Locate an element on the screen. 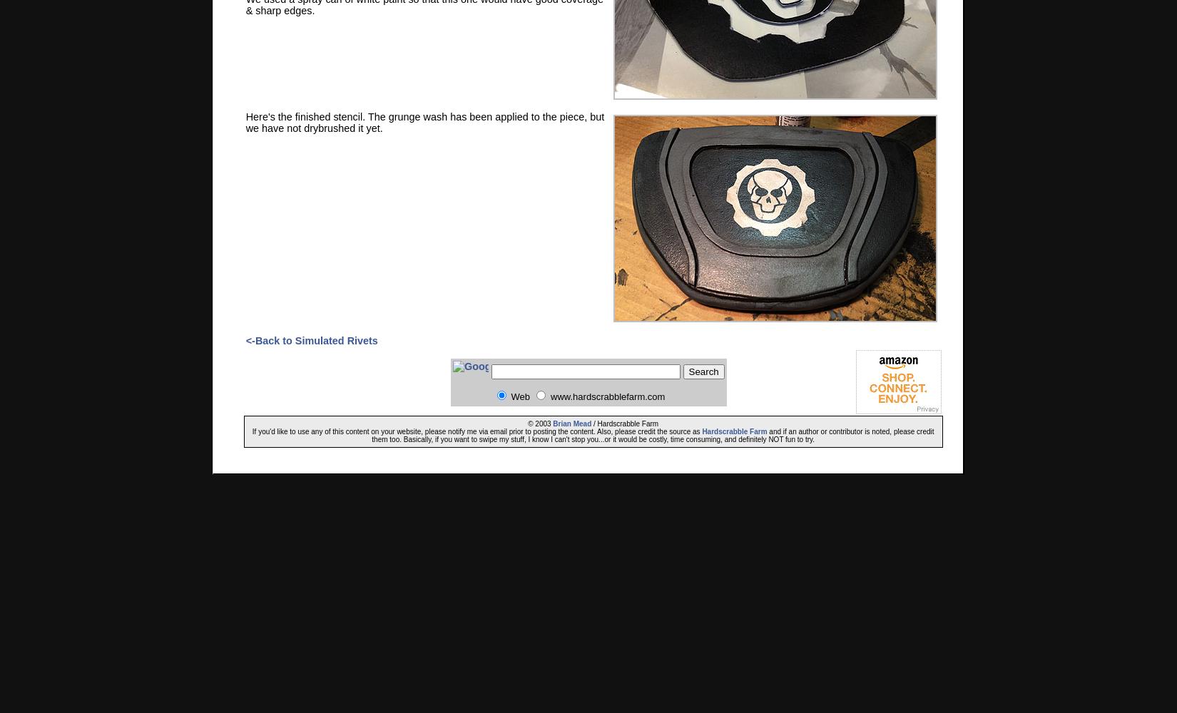  'Brian
      Mead' is located at coordinates (550, 423).